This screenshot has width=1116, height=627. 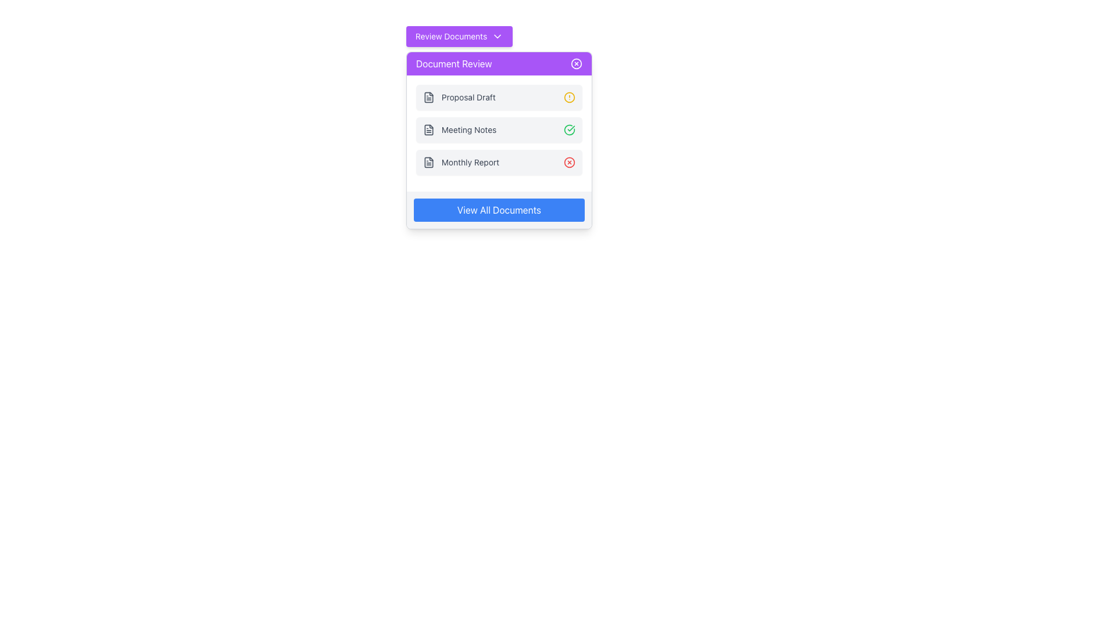 What do you see at coordinates (428, 97) in the screenshot?
I see `the decorative shape that defines the visual representation of the document icon in the 'Document Review' layout for the first document titled 'Proposal Draft'` at bounding box center [428, 97].